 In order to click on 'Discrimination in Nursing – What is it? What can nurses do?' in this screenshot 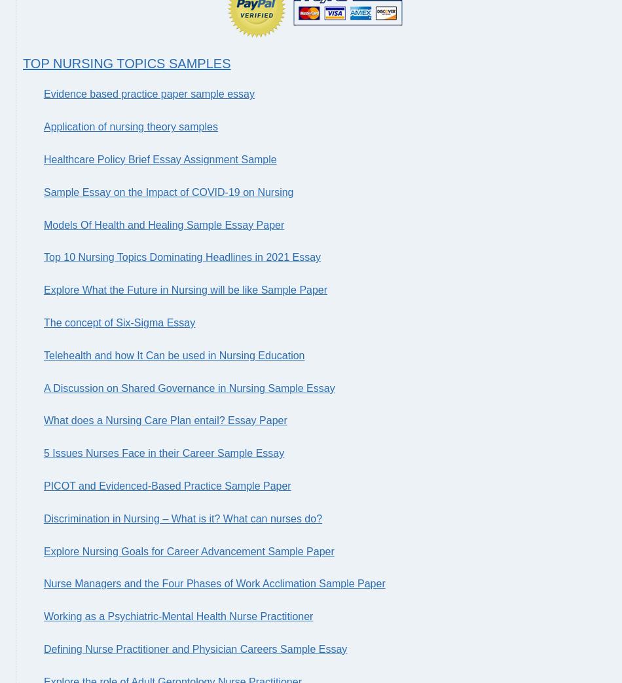, I will do `click(182, 518)`.